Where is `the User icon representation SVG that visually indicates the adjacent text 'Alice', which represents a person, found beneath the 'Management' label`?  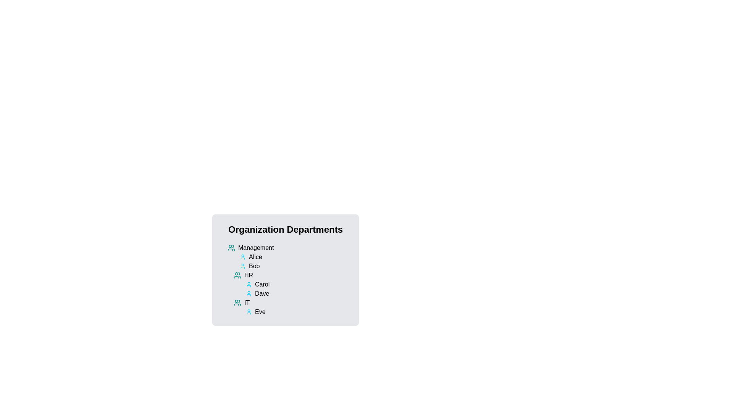 the User icon representation SVG that visually indicates the adjacent text 'Alice', which represents a person, found beneath the 'Management' label is located at coordinates (242, 257).